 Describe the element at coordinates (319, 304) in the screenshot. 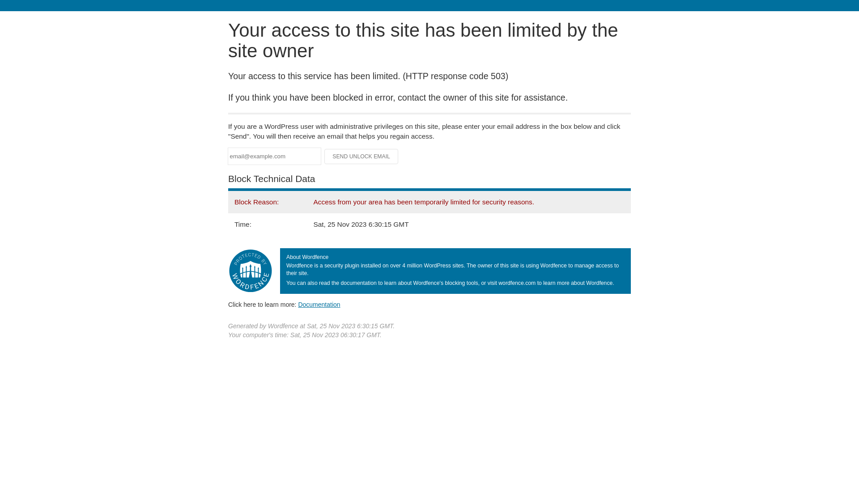

I see `'Documentation'` at that location.